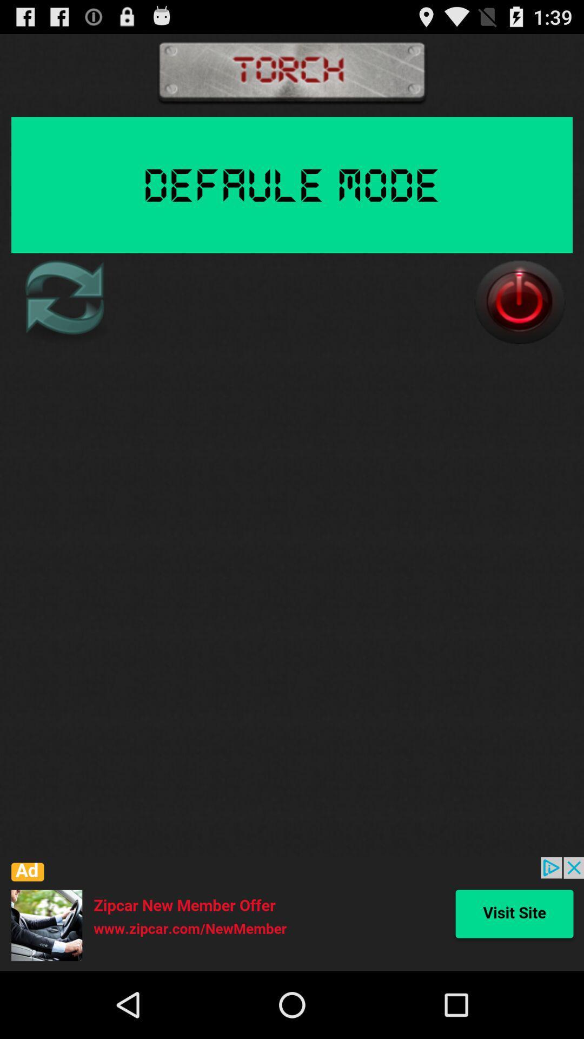 The width and height of the screenshot is (584, 1039). What do you see at coordinates (292, 913) in the screenshot?
I see `the advertisement page` at bounding box center [292, 913].